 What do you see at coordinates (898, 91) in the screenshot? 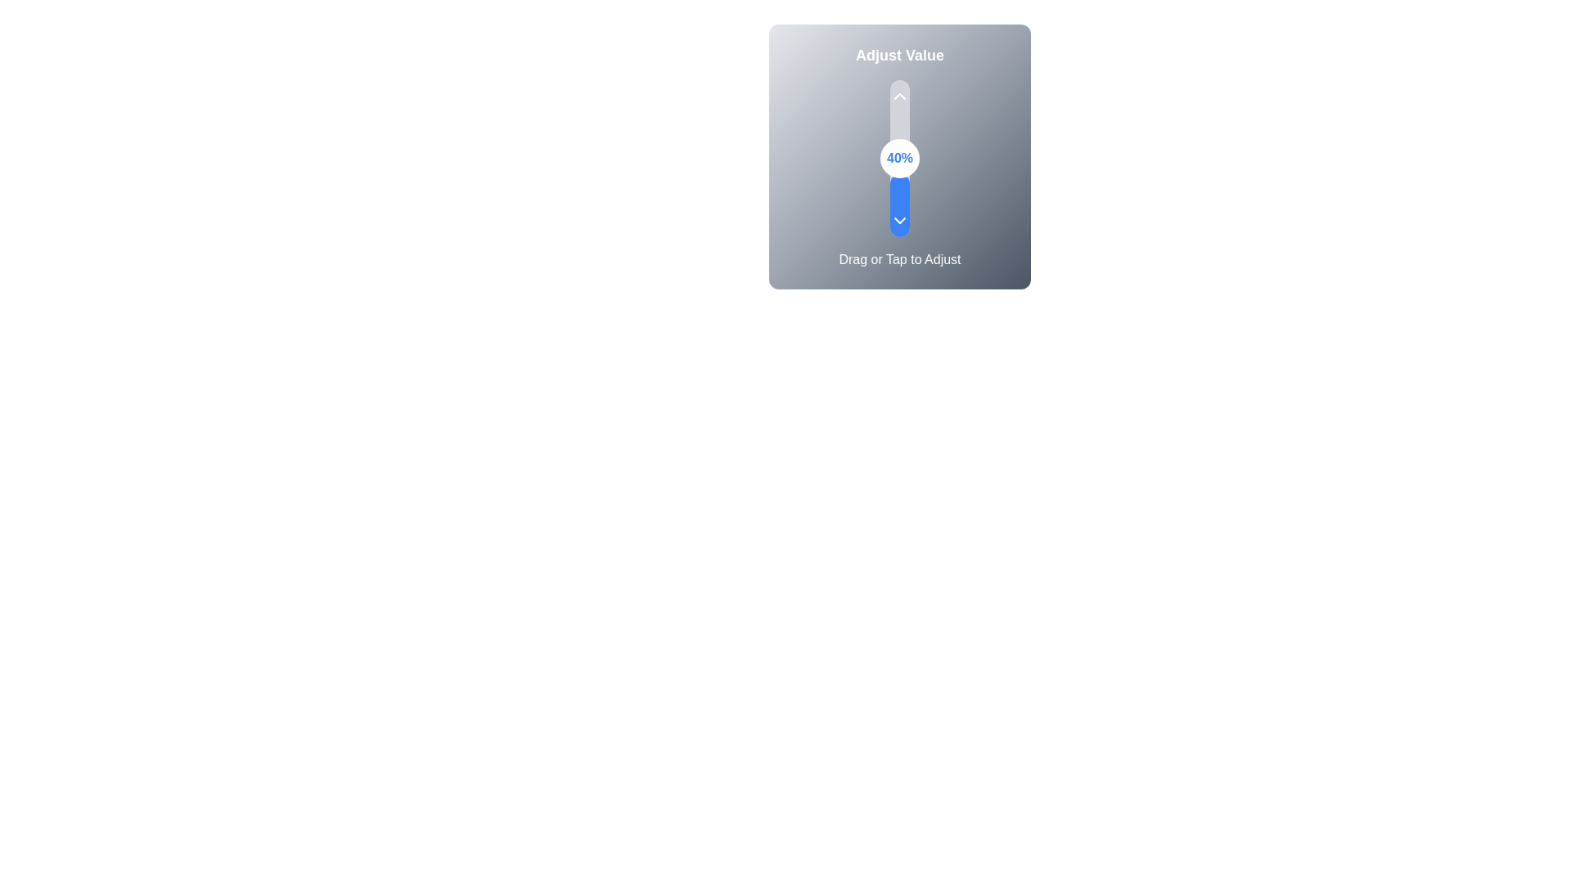
I see `the slider value` at bounding box center [898, 91].